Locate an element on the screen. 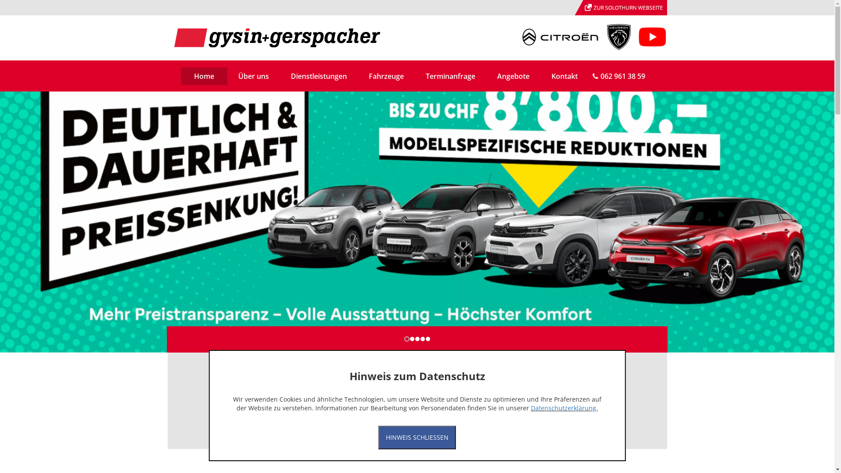  'Kontakt' is located at coordinates (565, 75).